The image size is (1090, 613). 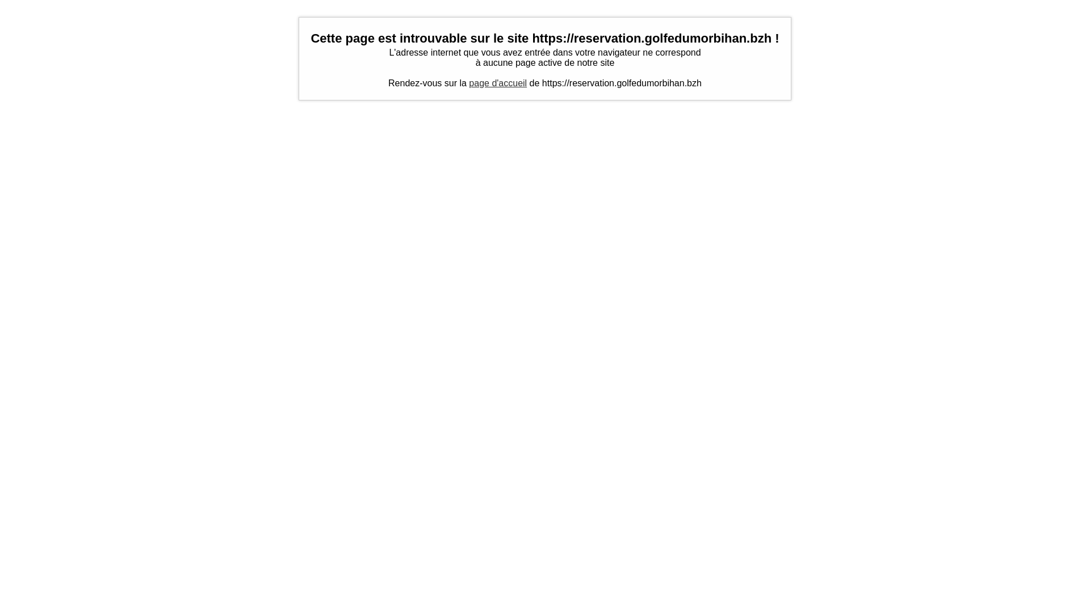 I want to click on 'page d'accueil', so click(x=498, y=82).